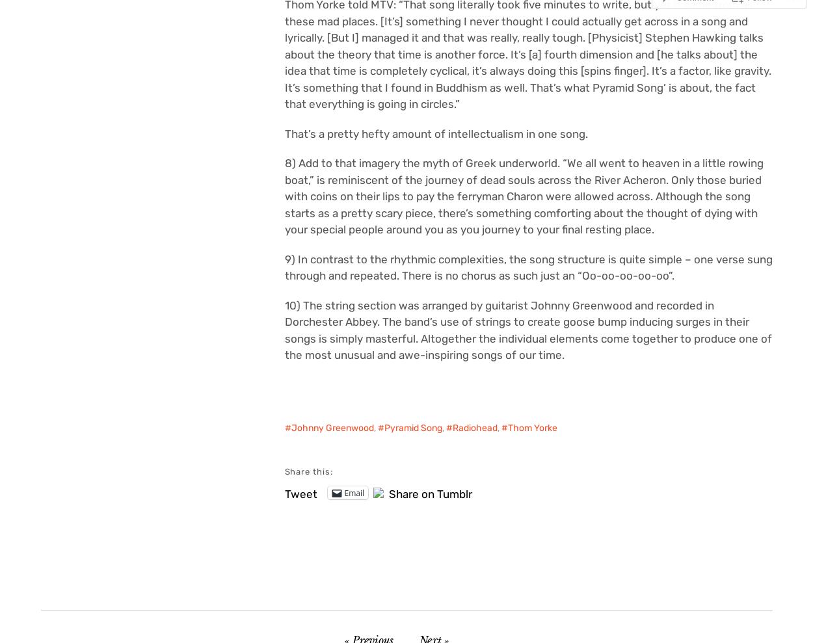  I want to click on 'That’s a pretty hefty amount of intellectualism in one song.', so click(436, 133).